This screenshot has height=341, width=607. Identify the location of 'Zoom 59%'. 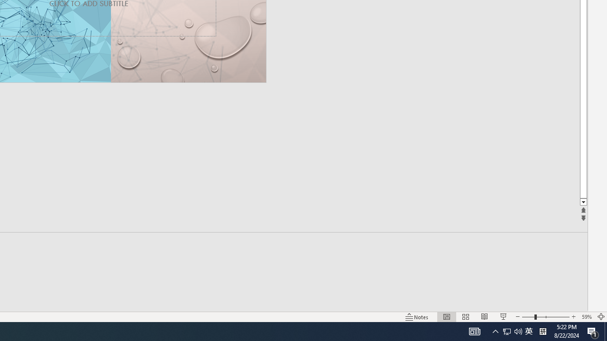
(586, 317).